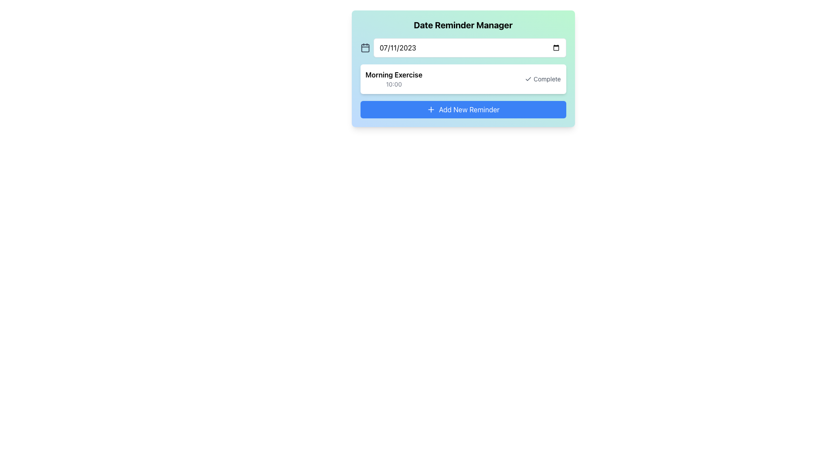 The width and height of the screenshot is (837, 470). Describe the element at coordinates (431, 109) in the screenshot. I see `the icon within the 'Add New Reminder' button` at that location.